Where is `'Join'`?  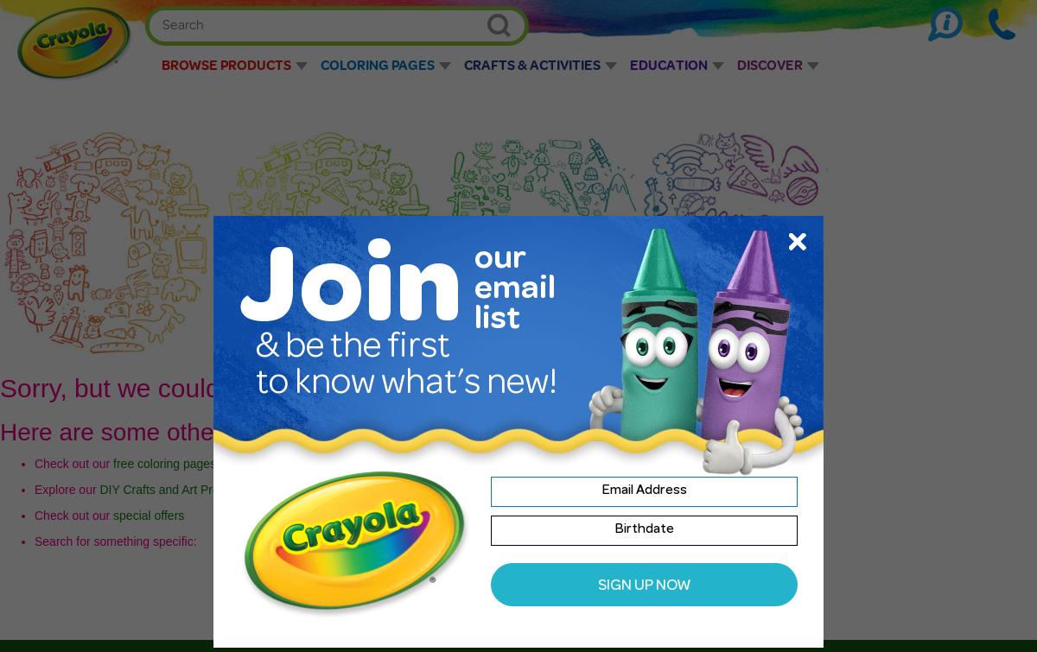 'Join' is located at coordinates (350, 296).